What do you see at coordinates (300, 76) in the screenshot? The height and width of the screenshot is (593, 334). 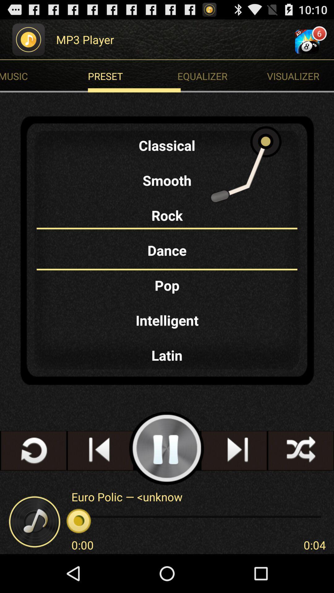 I see `the item next to preset radio button` at bounding box center [300, 76].